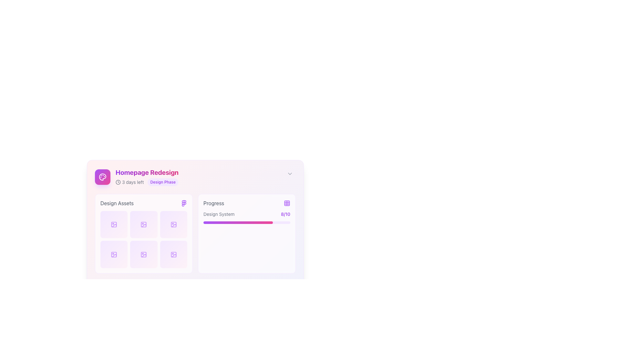 This screenshot has width=620, height=349. What do you see at coordinates (246, 222) in the screenshot?
I see `the horizontal progress bar with a purple gradient fill, representing 80% completion` at bounding box center [246, 222].